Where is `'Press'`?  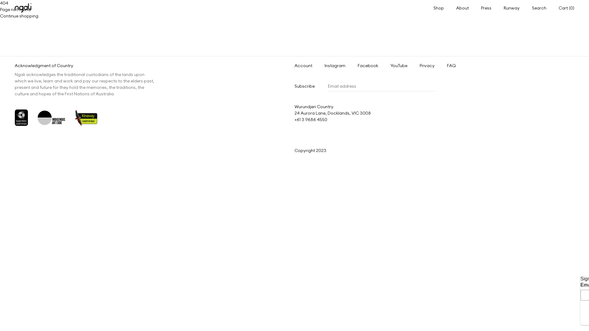 'Press' is located at coordinates (486, 7).